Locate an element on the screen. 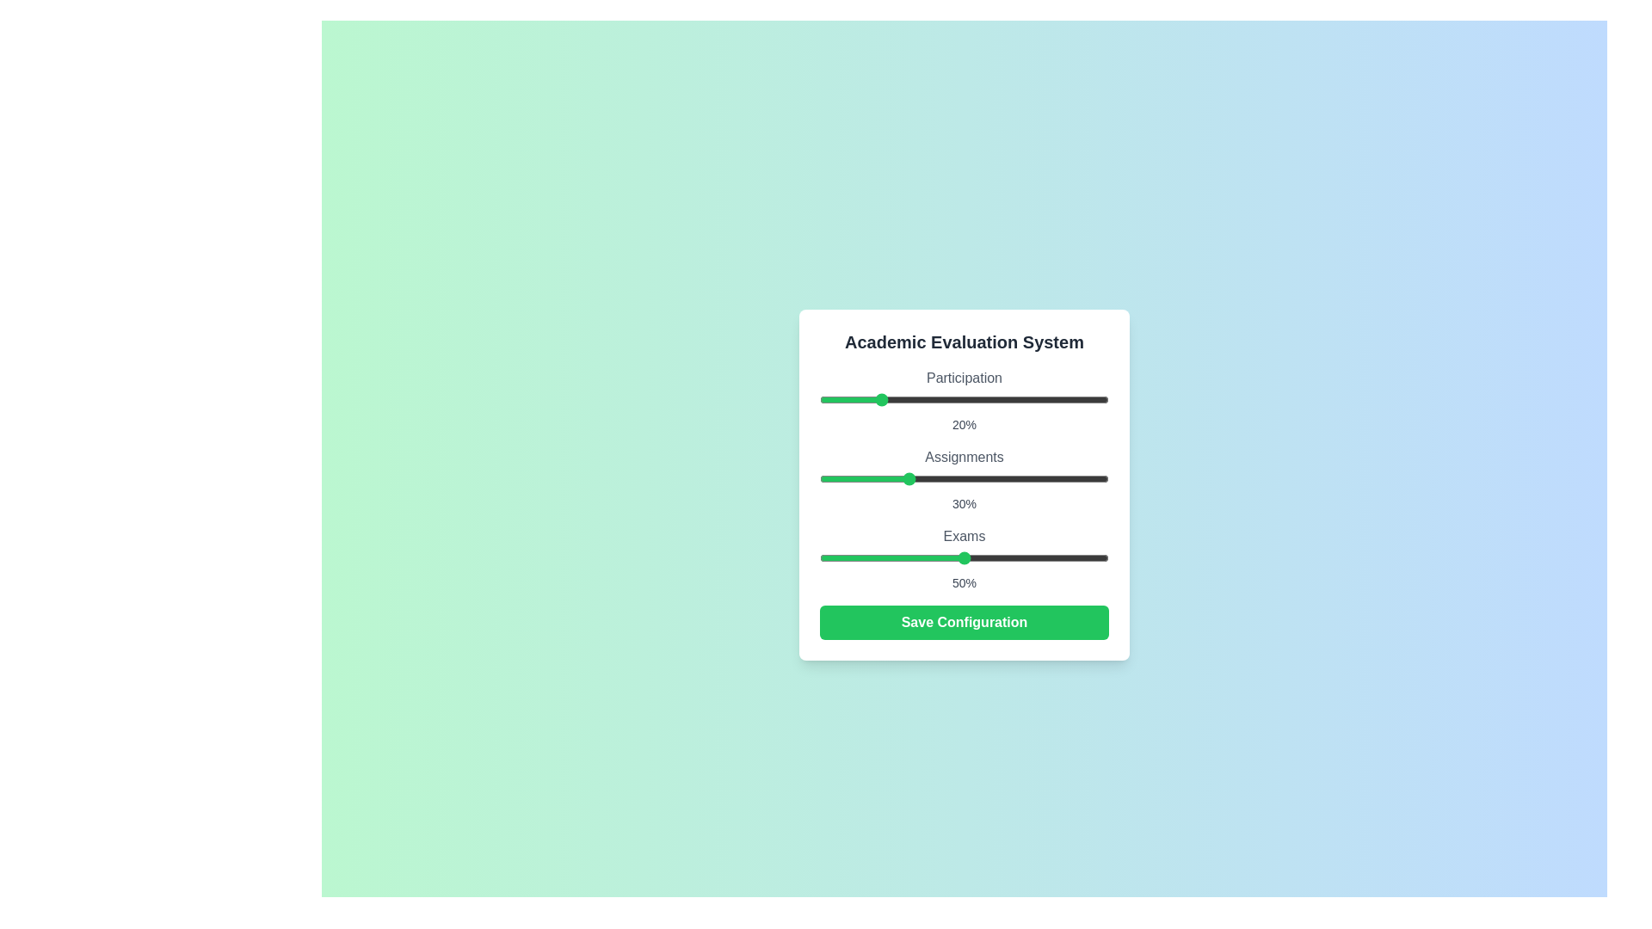  the Exams slider element to observe visual feedback is located at coordinates (965, 557).